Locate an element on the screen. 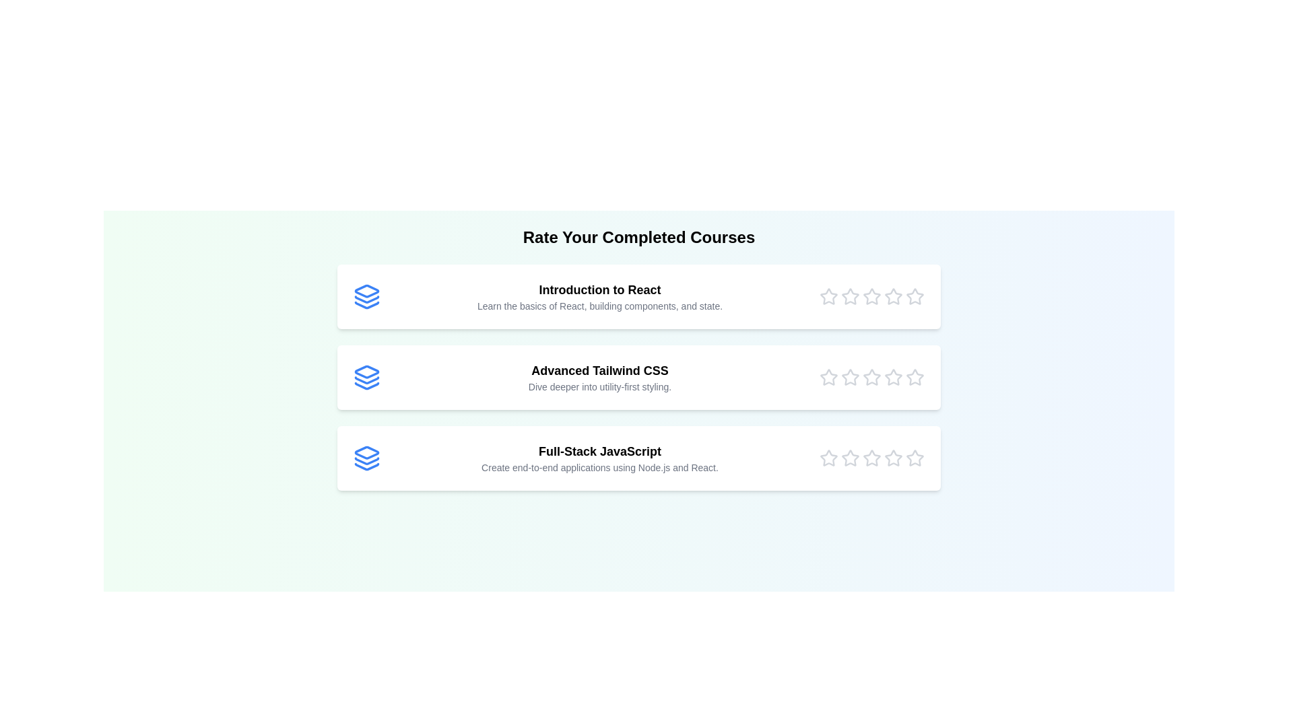 The image size is (1293, 727). the course title to view its details. The parameter Advanced Tailwind CSS specifies which course to select is located at coordinates (638, 377).